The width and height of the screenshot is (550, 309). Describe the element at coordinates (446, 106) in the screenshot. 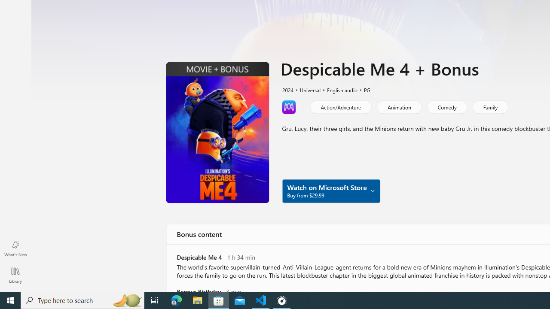

I see `'Comedy'` at that location.